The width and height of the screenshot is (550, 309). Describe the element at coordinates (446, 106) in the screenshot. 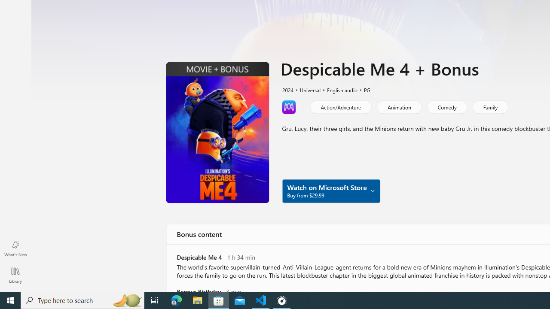

I see `'Comedy'` at that location.